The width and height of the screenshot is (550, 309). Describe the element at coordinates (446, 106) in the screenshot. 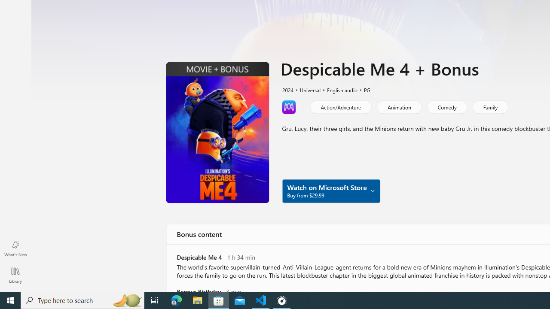

I see `'Comedy'` at that location.